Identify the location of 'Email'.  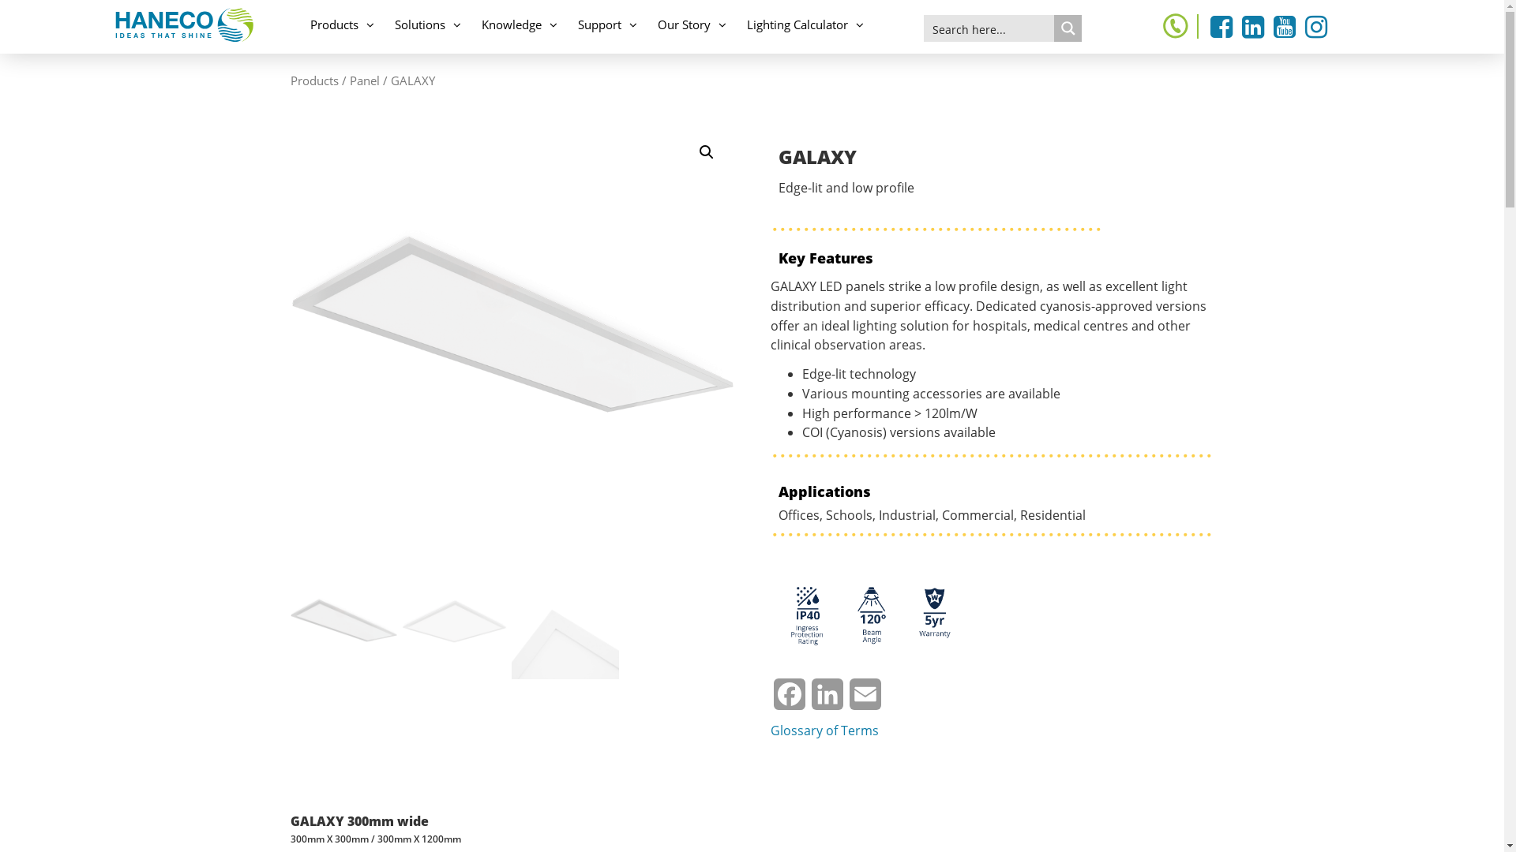
(864, 699).